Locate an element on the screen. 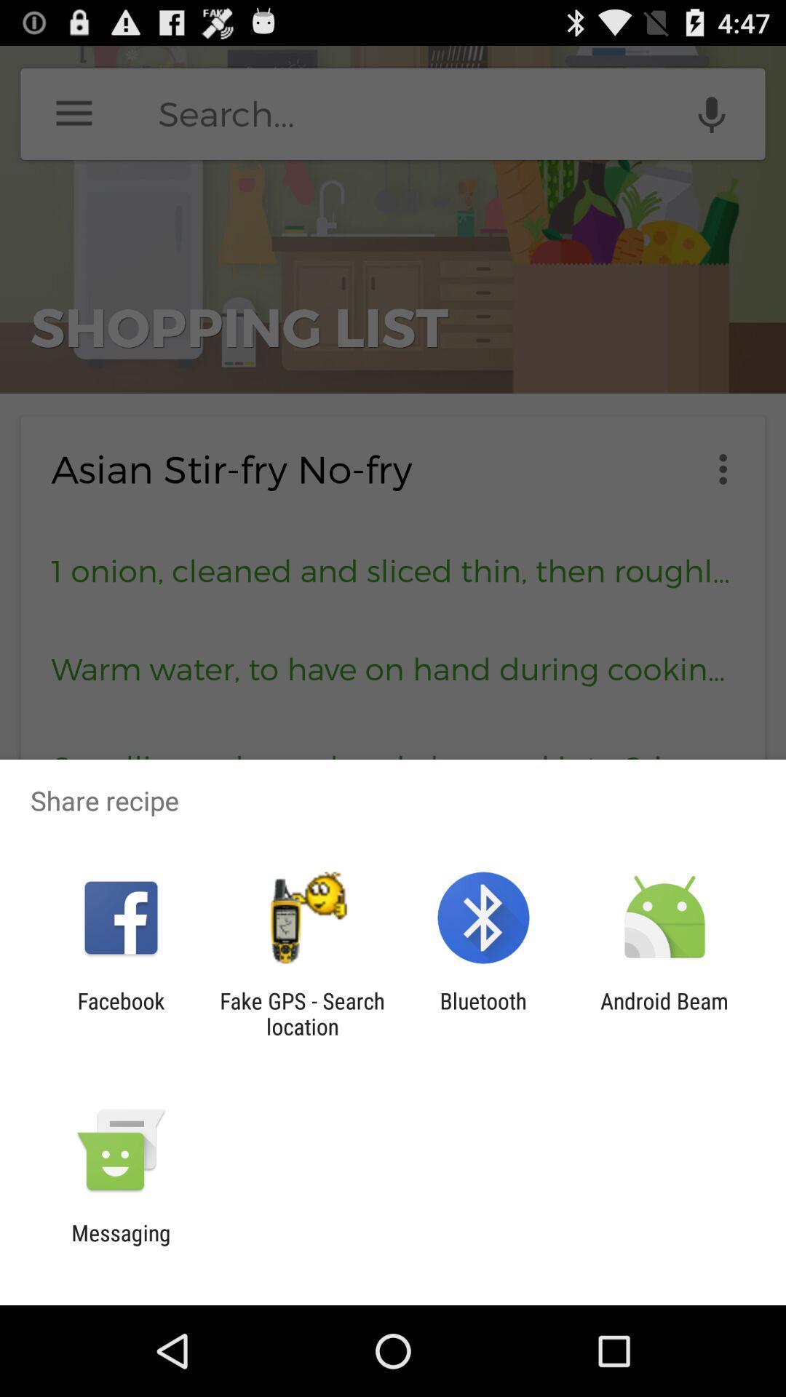  app to the right of fake gps search is located at coordinates (483, 1013).